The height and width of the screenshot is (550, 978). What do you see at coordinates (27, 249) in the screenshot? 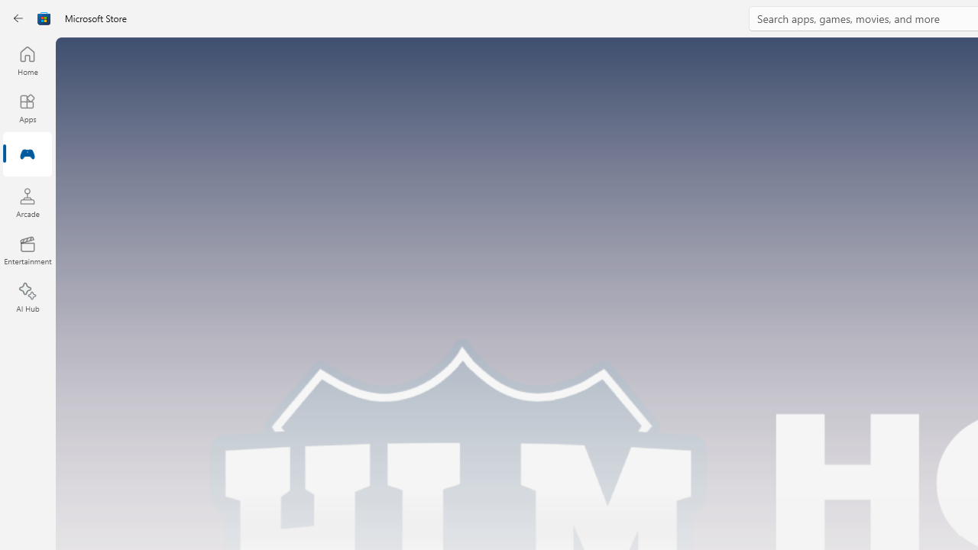
I see `'Entertainment'` at bounding box center [27, 249].